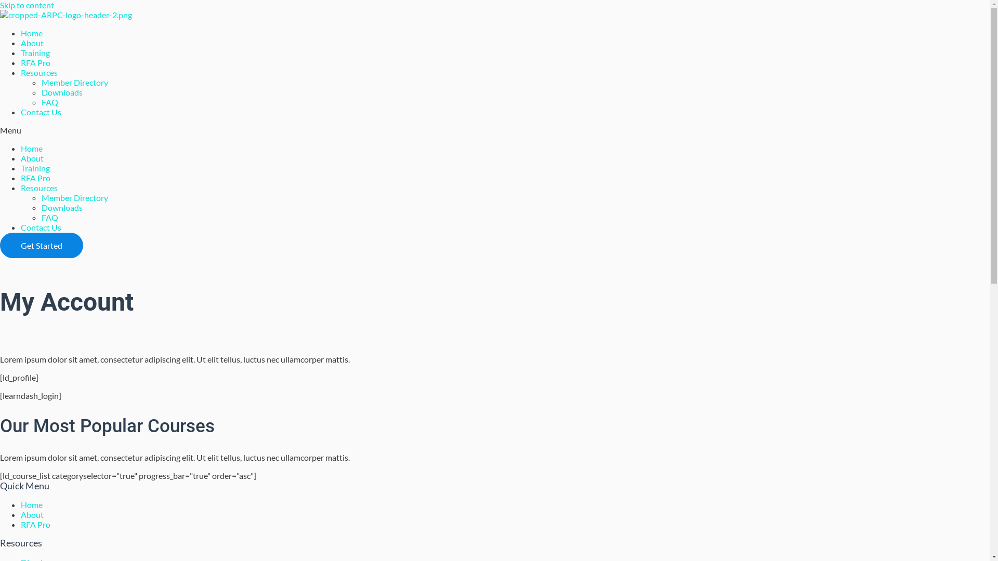  I want to click on 'About', so click(32, 514).